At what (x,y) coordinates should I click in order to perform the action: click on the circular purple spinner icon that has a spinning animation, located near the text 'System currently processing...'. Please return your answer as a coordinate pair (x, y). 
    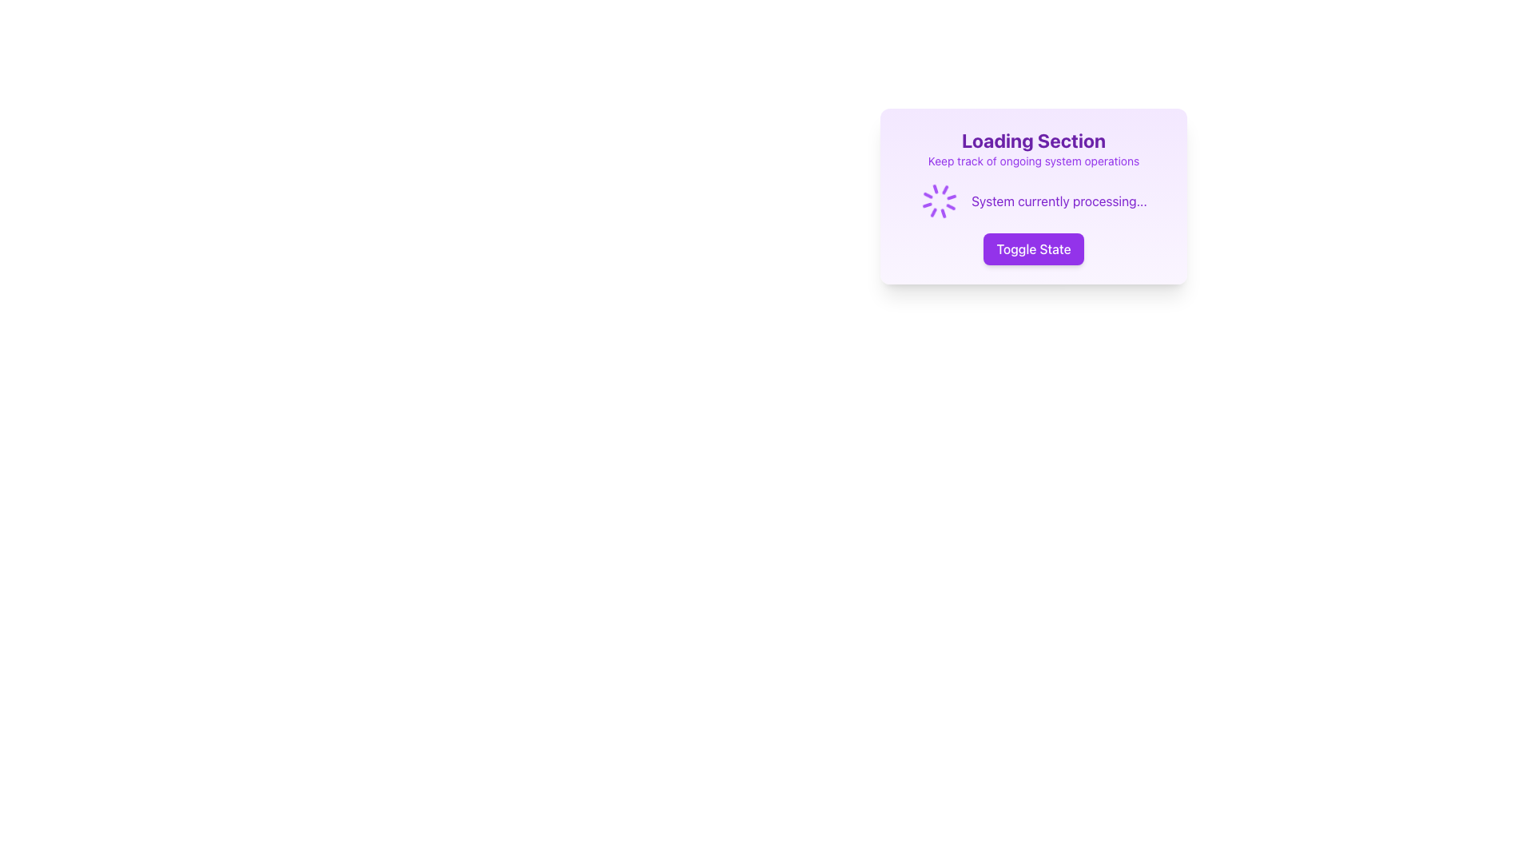
    Looking at the image, I should click on (940, 200).